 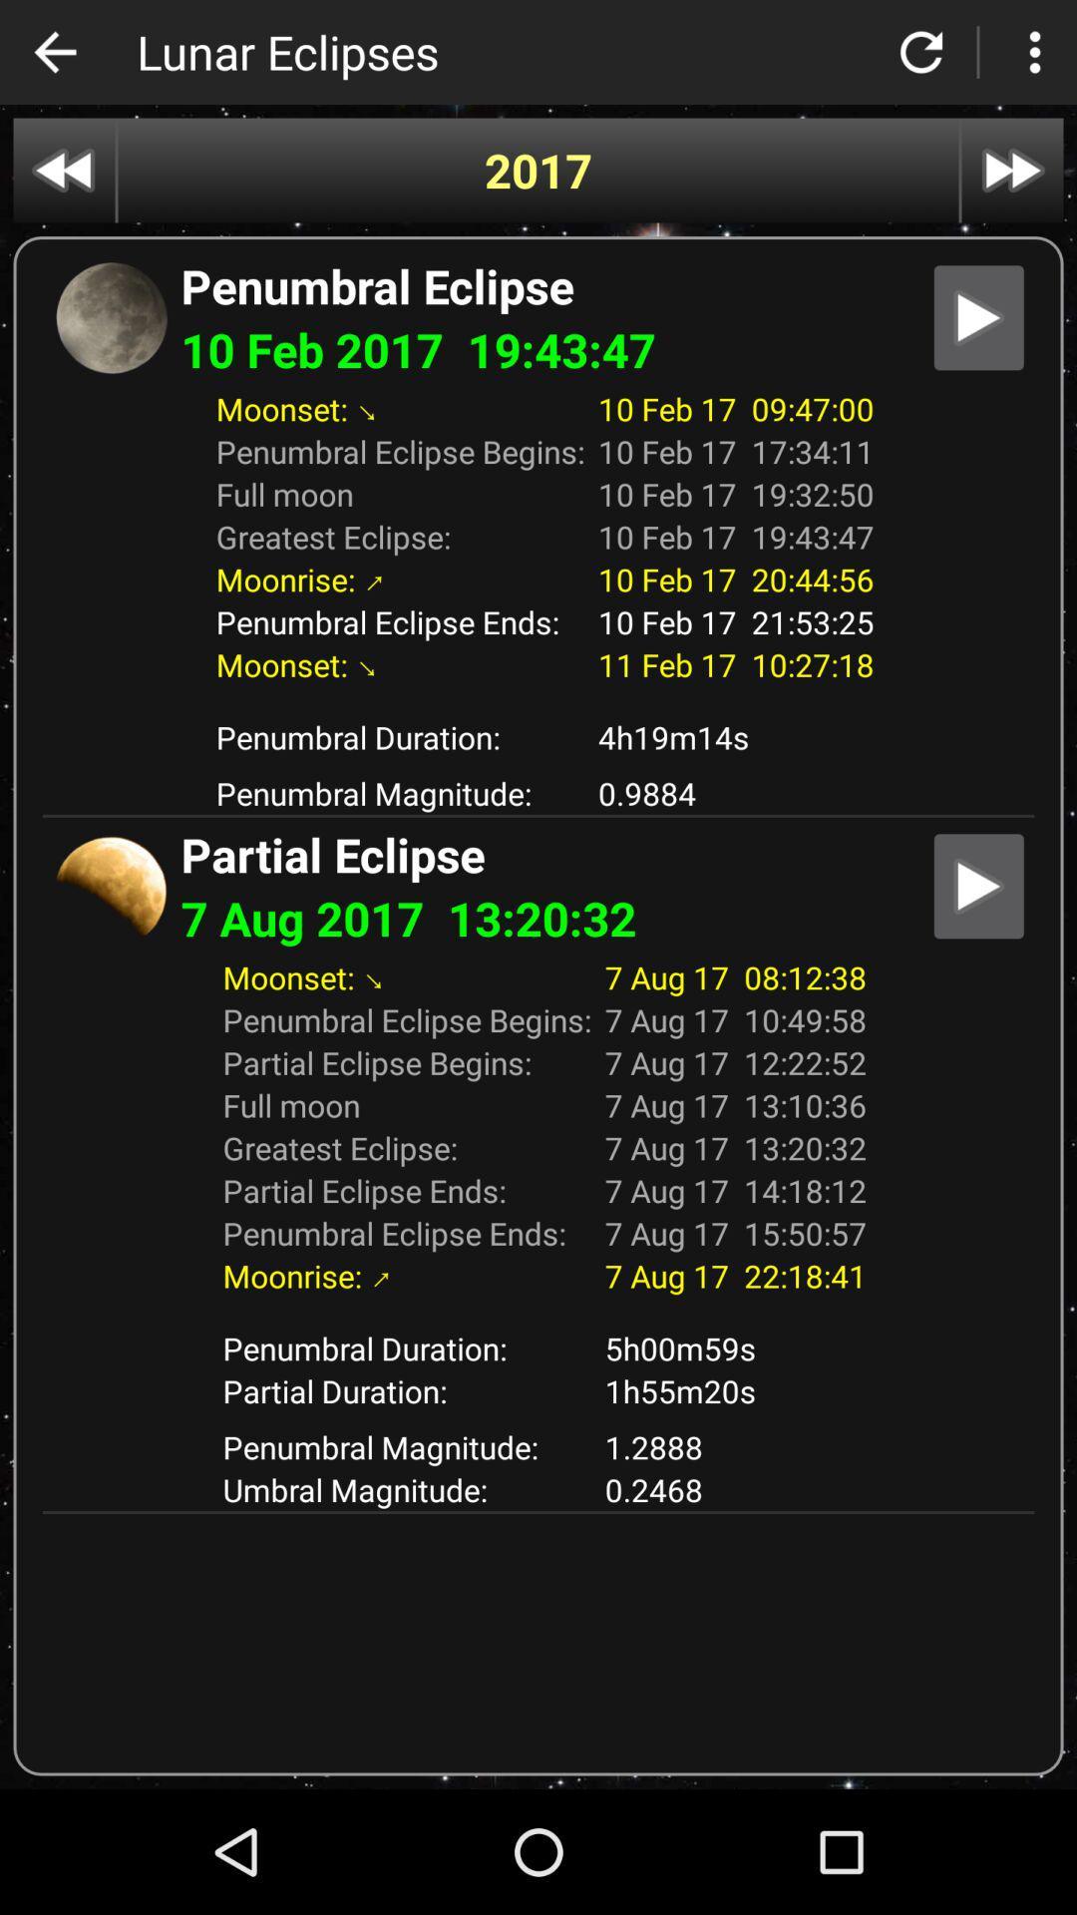 What do you see at coordinates (54, 52) in the screenshot?
I see `back to previous page` at bounding box center [54, 52].